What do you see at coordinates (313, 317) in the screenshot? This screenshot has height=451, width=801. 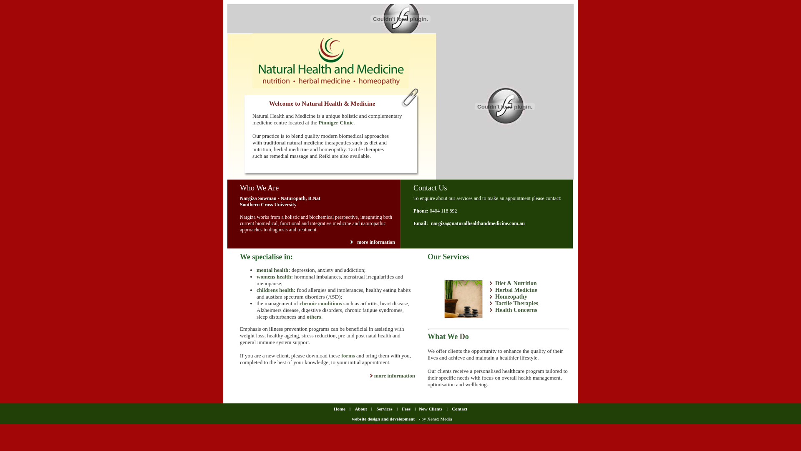 I see `'others'` at bounding box center [313, 317].